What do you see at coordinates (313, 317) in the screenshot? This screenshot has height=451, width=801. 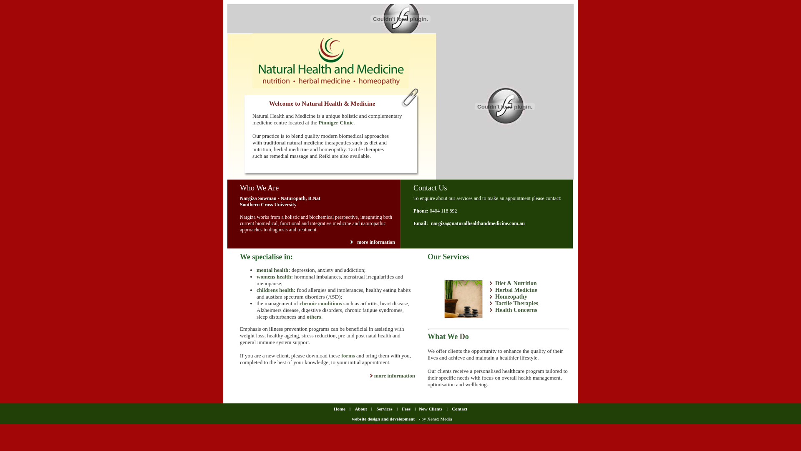 I see `'others'` at bounding box center [313, 317].